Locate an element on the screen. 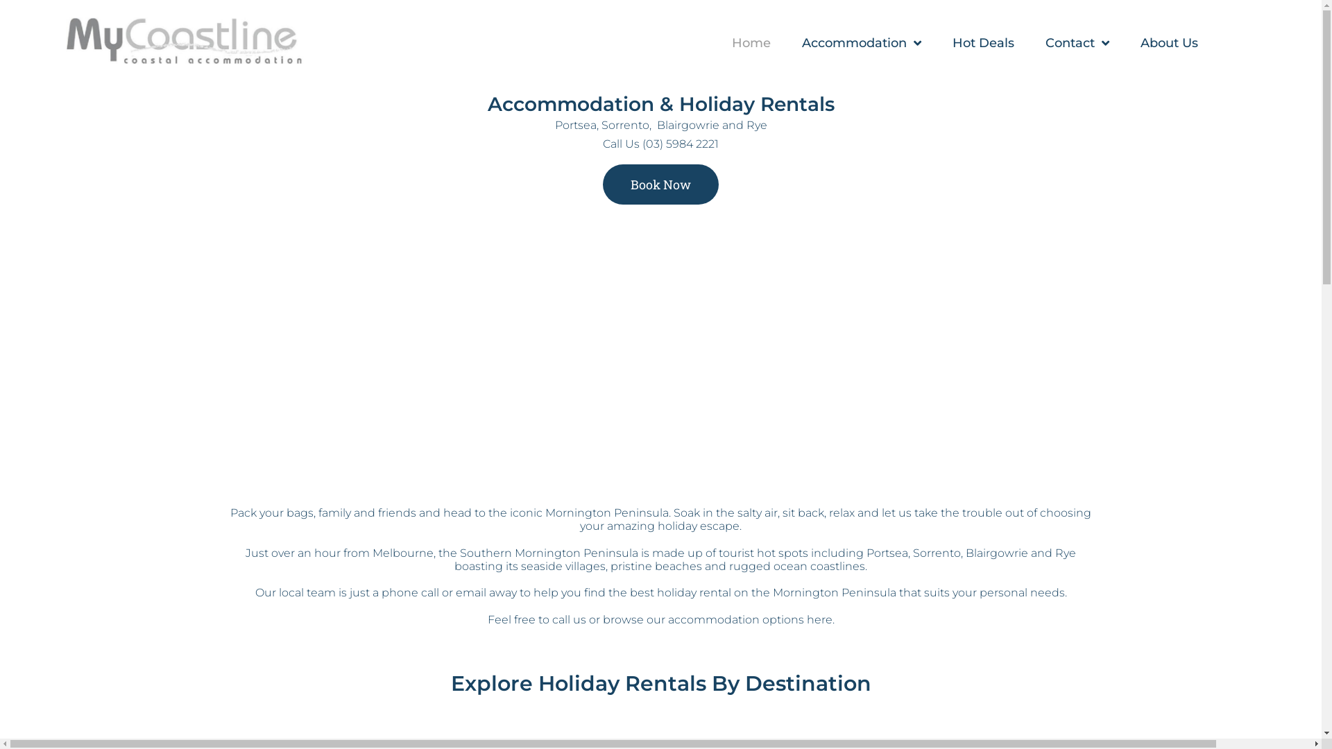 Image resolution: width=1332 pixels, height=749 pixels. 'About Us' is located at coordinates (1168, 42).